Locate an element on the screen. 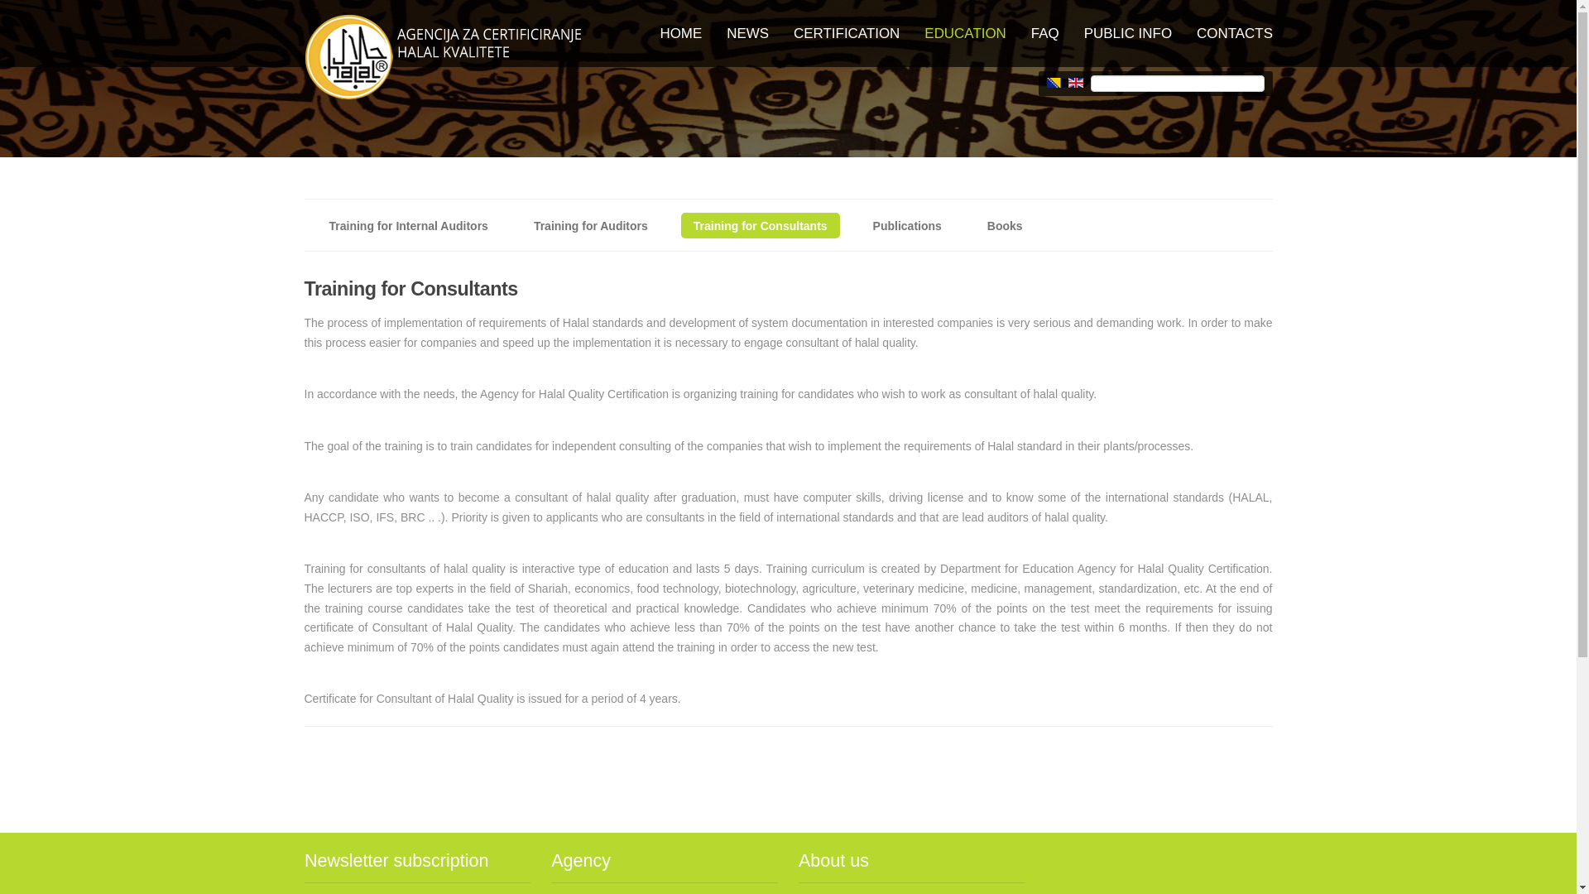 This screenshot has width=1589, height=894. 'NEWS' is located at coordinates (746, 38).